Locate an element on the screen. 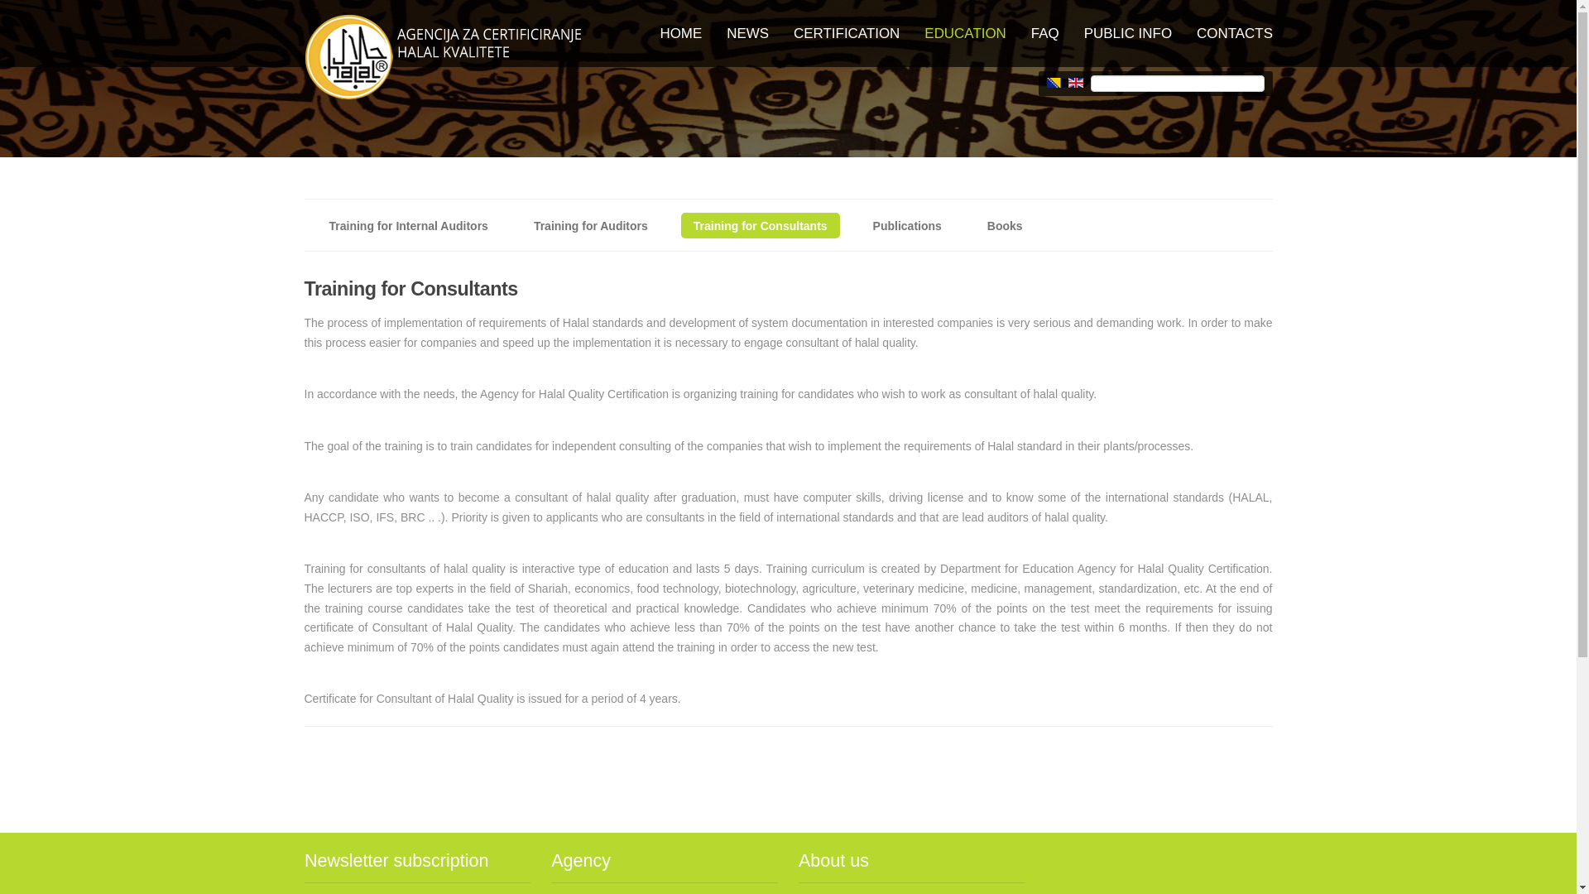 This screenshot has width=1589, height=894. 'NEWS' is located at coordinates (746, 38).